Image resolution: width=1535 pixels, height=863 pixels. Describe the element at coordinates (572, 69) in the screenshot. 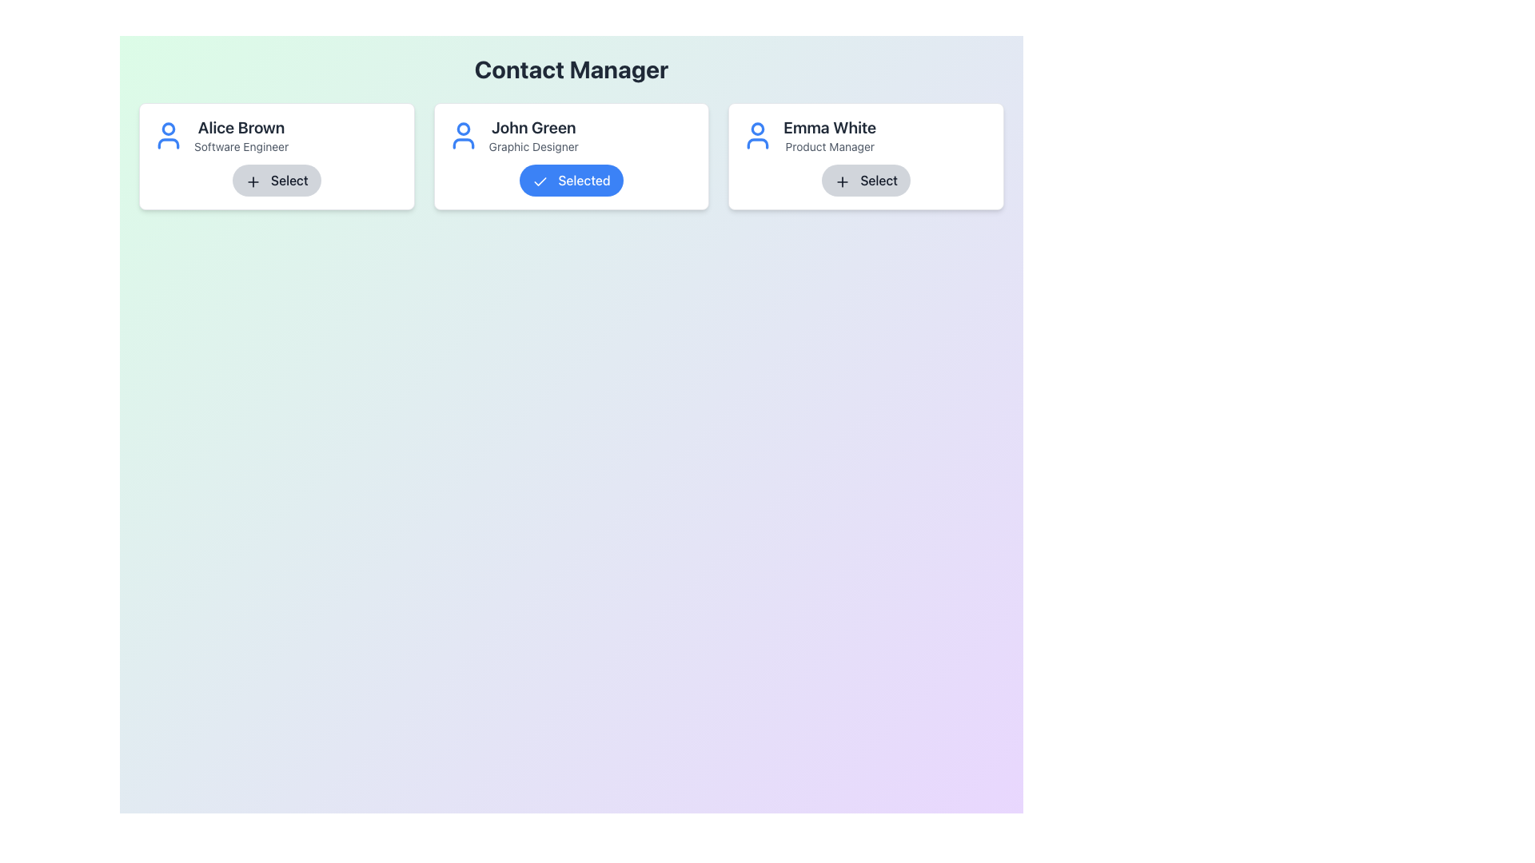

I see `the bold title 'Contact Manager' displayed at the top of the interface, which is centrally positioned above the user profile cards` at that location.